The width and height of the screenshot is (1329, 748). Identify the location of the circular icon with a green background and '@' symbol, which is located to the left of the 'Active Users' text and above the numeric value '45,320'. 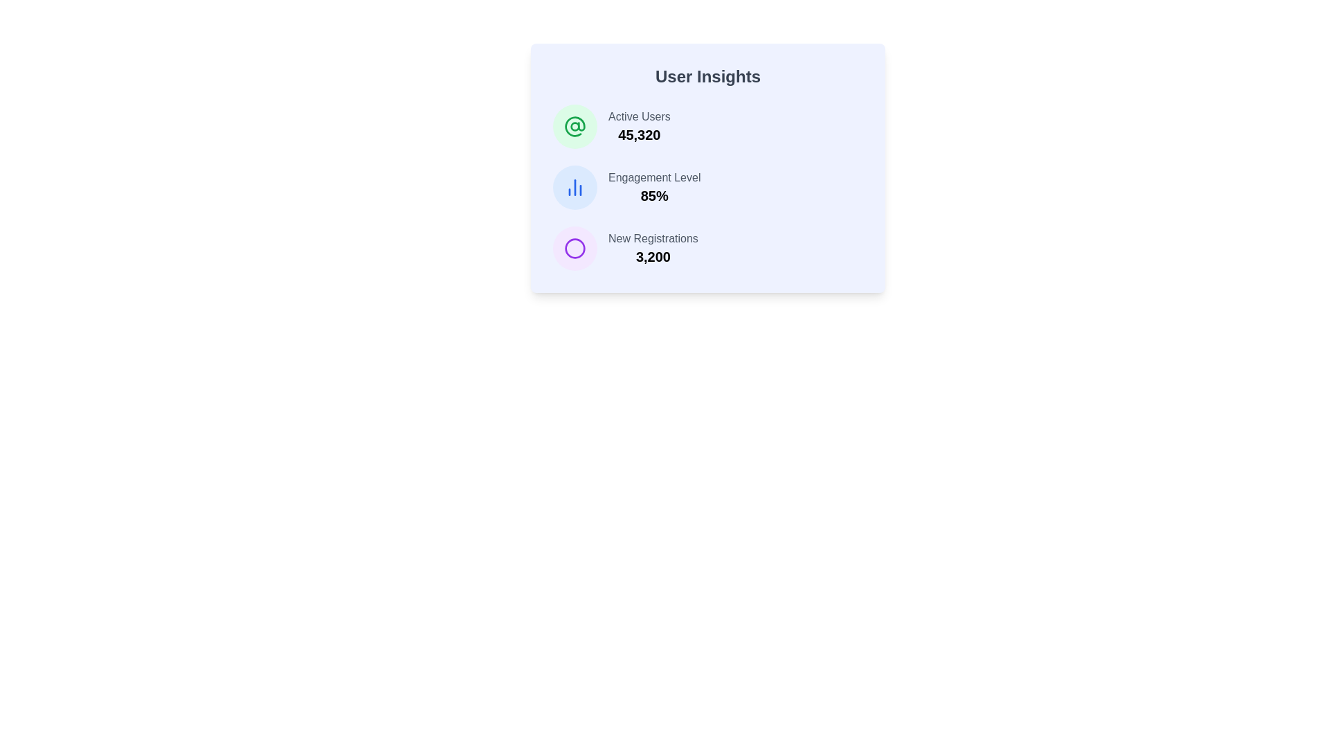
(575, 126).